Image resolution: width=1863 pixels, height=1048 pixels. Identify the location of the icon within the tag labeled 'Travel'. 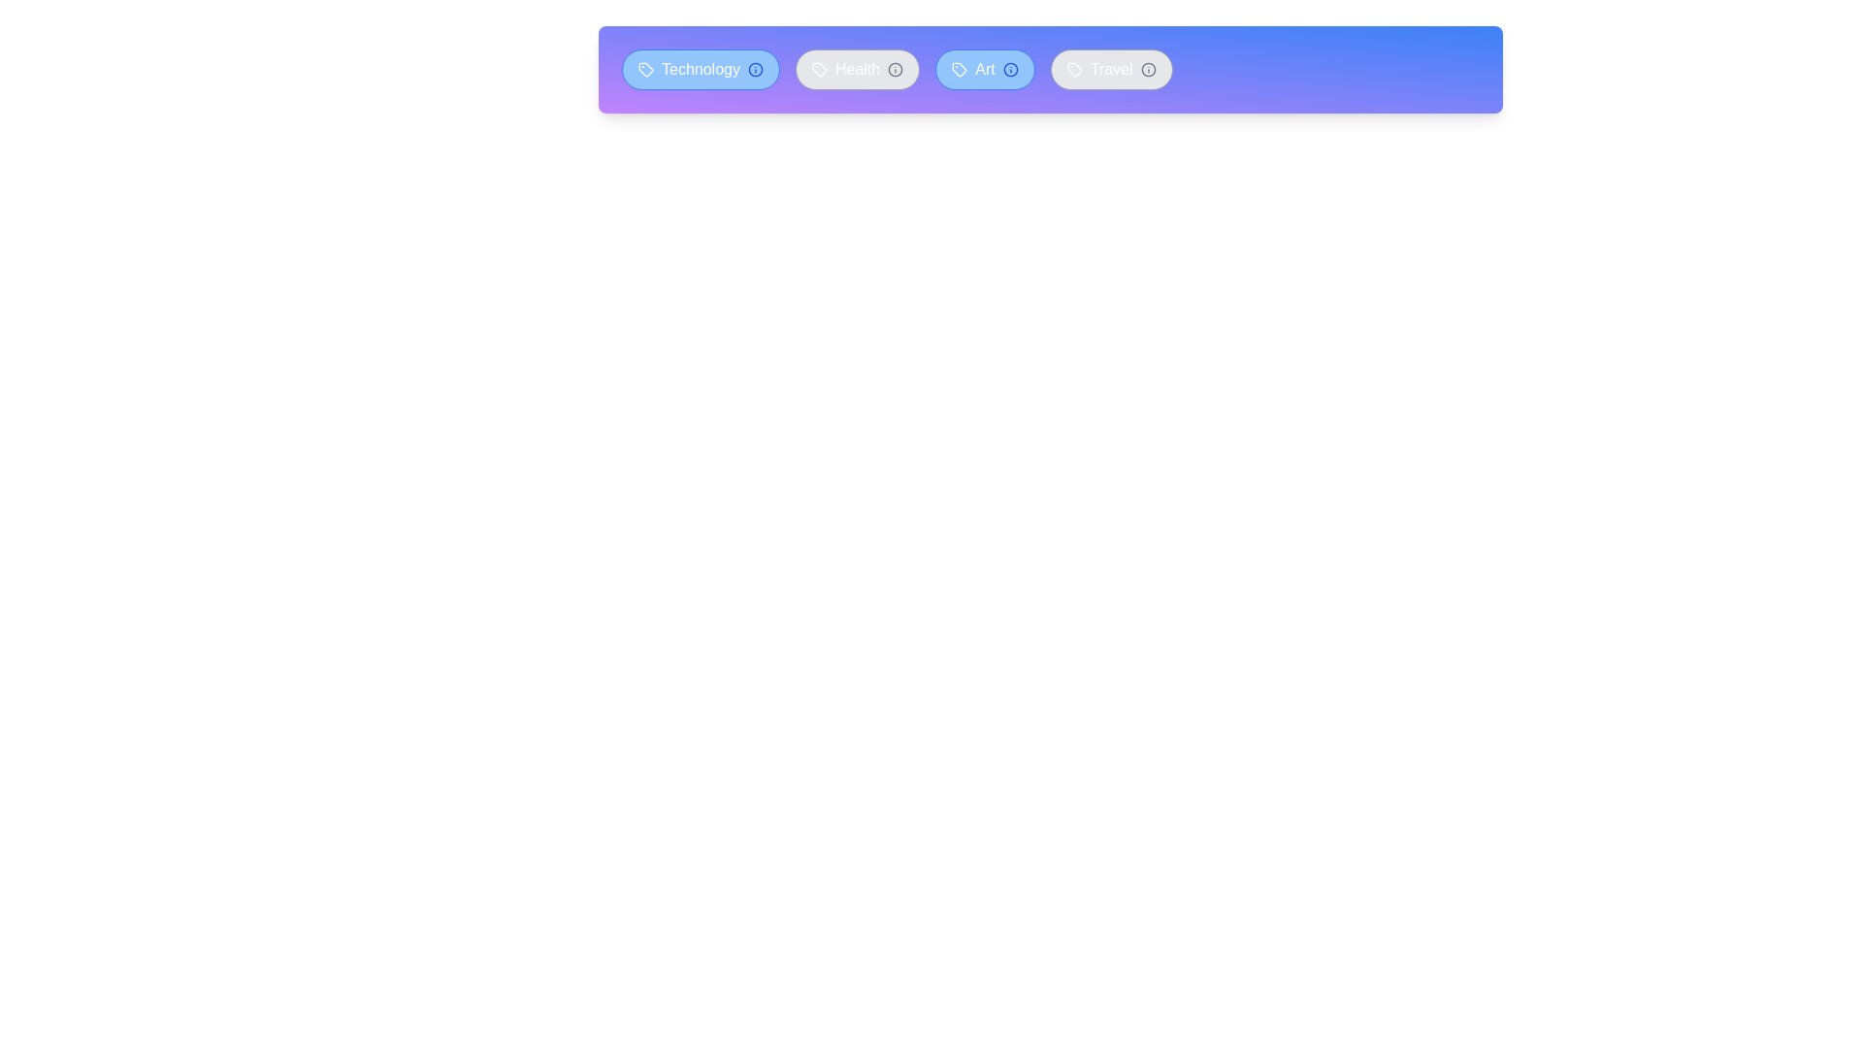
(1073, 69).